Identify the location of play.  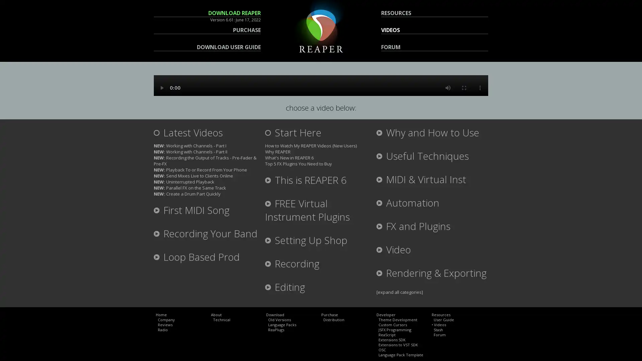
(162, 87).